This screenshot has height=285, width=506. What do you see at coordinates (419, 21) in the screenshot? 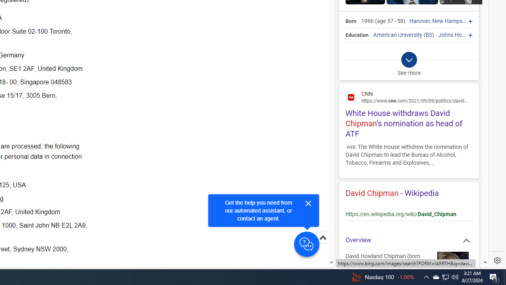
I see `'Hanover'` at bounding box center [419, 21].